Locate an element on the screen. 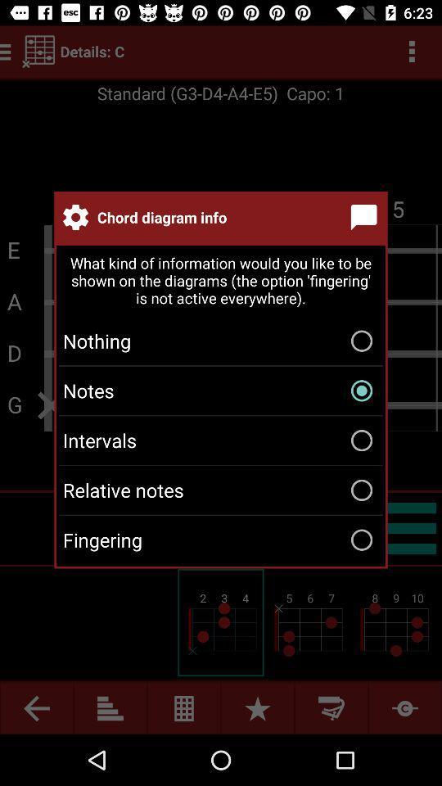 The image size is (442, 786). the icon next to the chord diagram info item is located at coordinates (367, 216).